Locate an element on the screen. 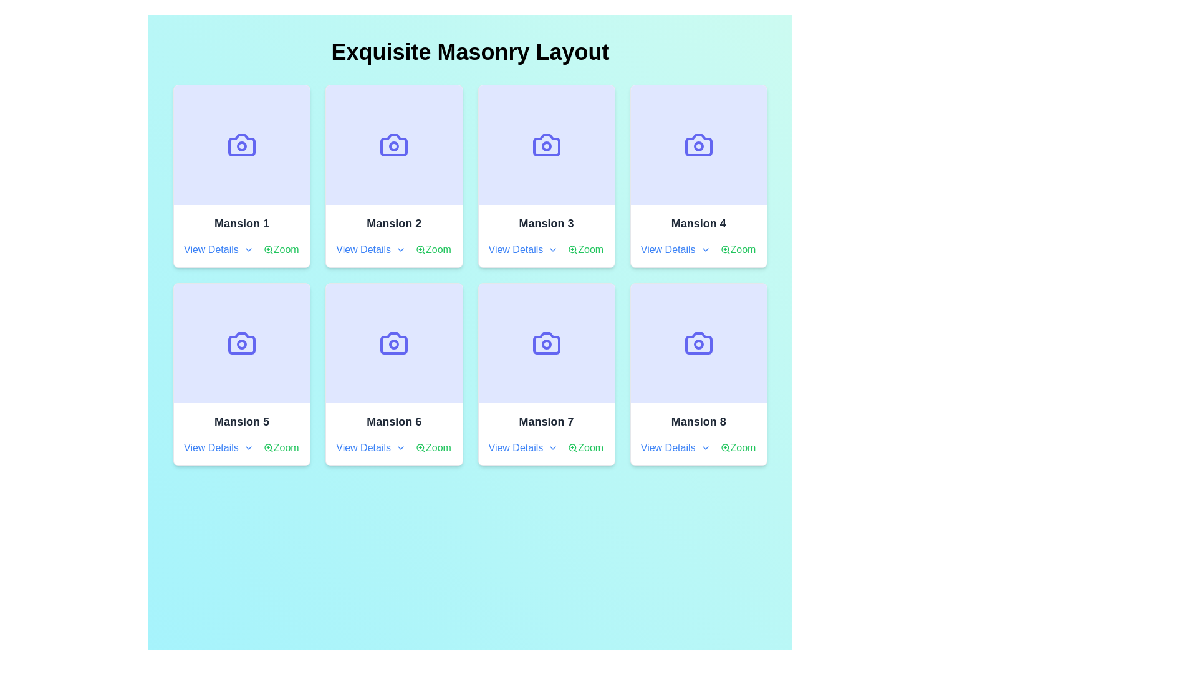 The height and width of the screenshot is (673, 1197). the small downward-facing chevron icon located to the right of the 'View Details' text within the 'Mansion 4' card is located at coordinates (705, 250).